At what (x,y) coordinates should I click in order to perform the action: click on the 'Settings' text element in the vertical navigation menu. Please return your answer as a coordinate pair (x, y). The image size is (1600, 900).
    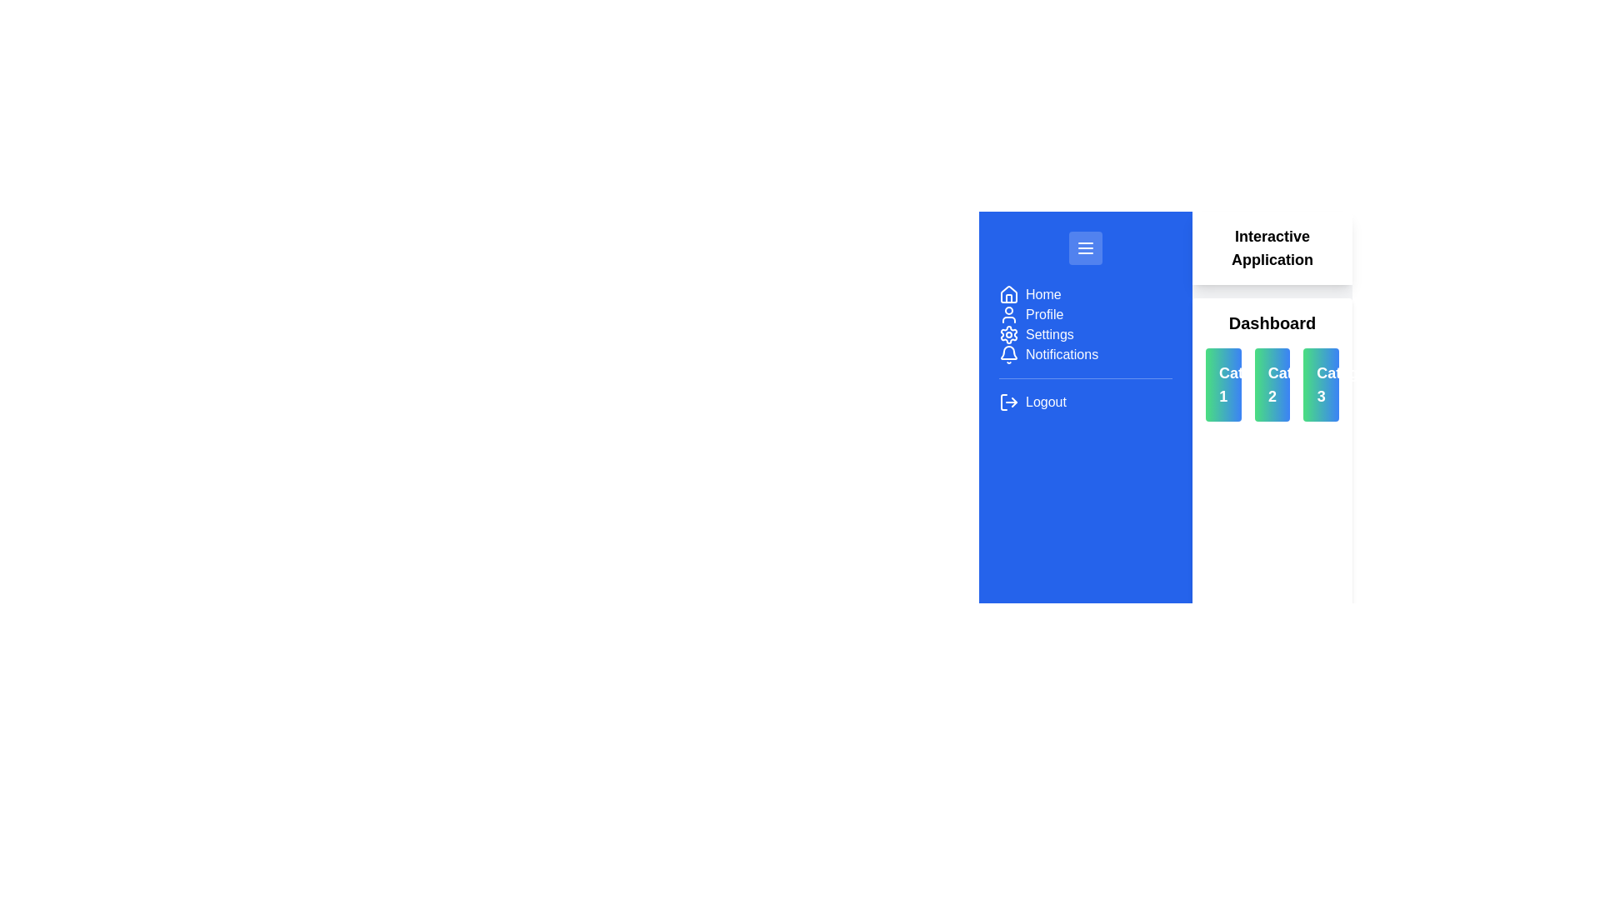
    Looking at the image, I should click on (1048, 334).